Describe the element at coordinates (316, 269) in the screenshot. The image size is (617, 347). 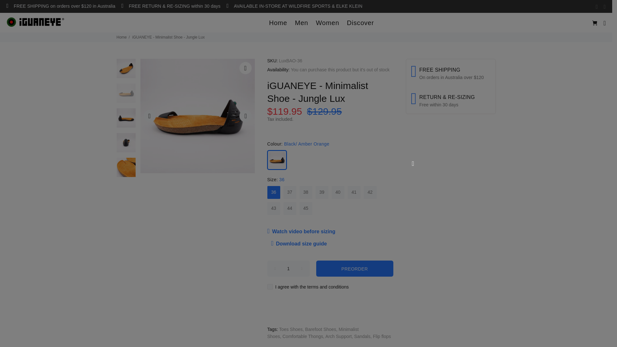
I see `'PREORDER'` at that location.